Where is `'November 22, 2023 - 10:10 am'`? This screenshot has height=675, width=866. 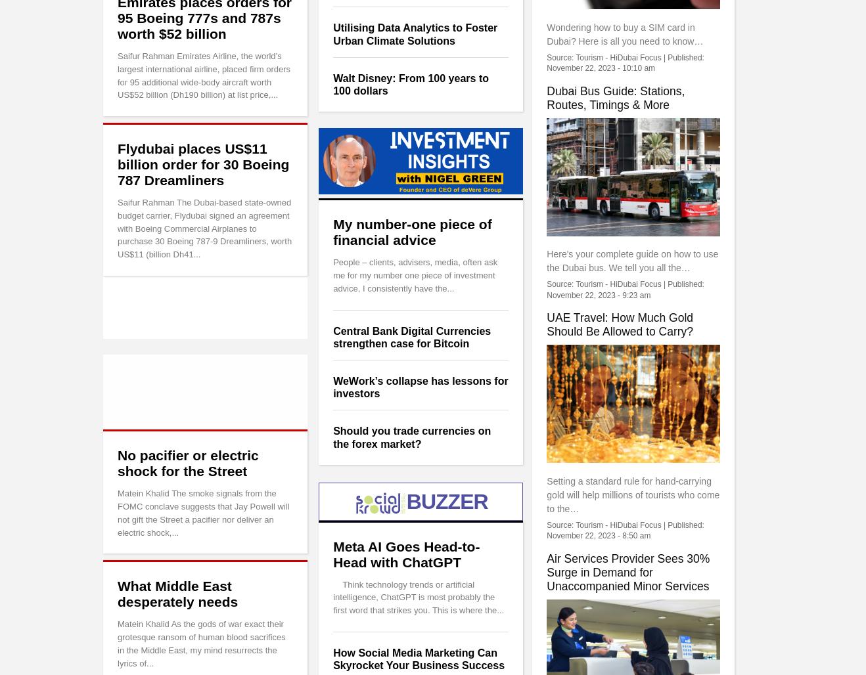
'November 22, 2023 - 10:10 am' is located at coordinates (546, 68).